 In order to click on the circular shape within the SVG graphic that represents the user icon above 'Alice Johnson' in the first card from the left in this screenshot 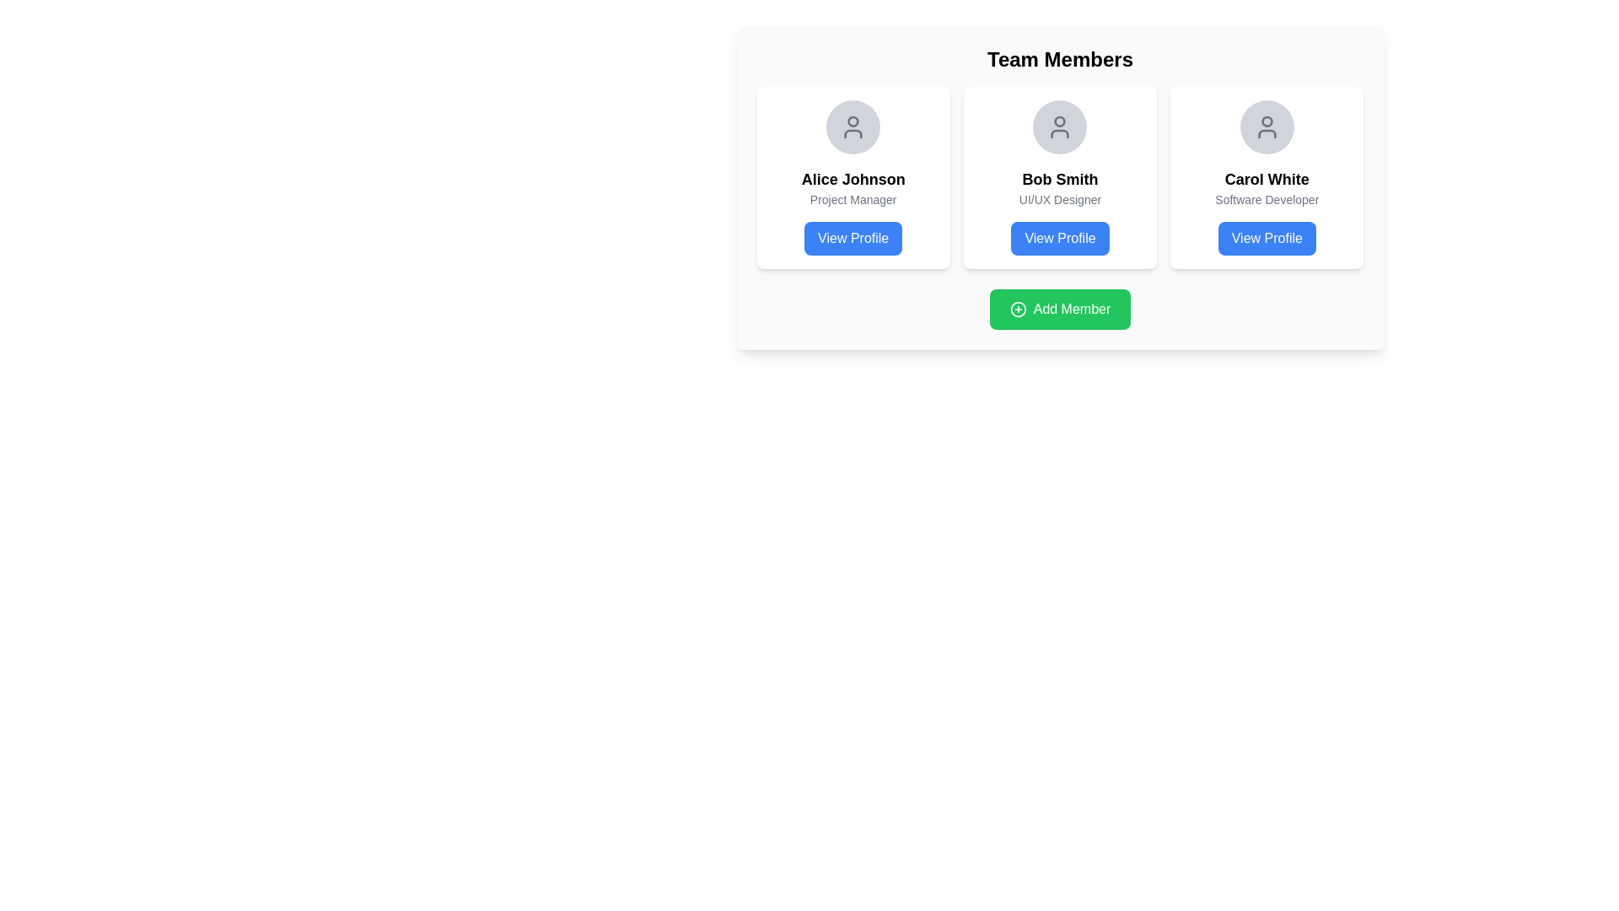, I will do `click(853, 121)`.